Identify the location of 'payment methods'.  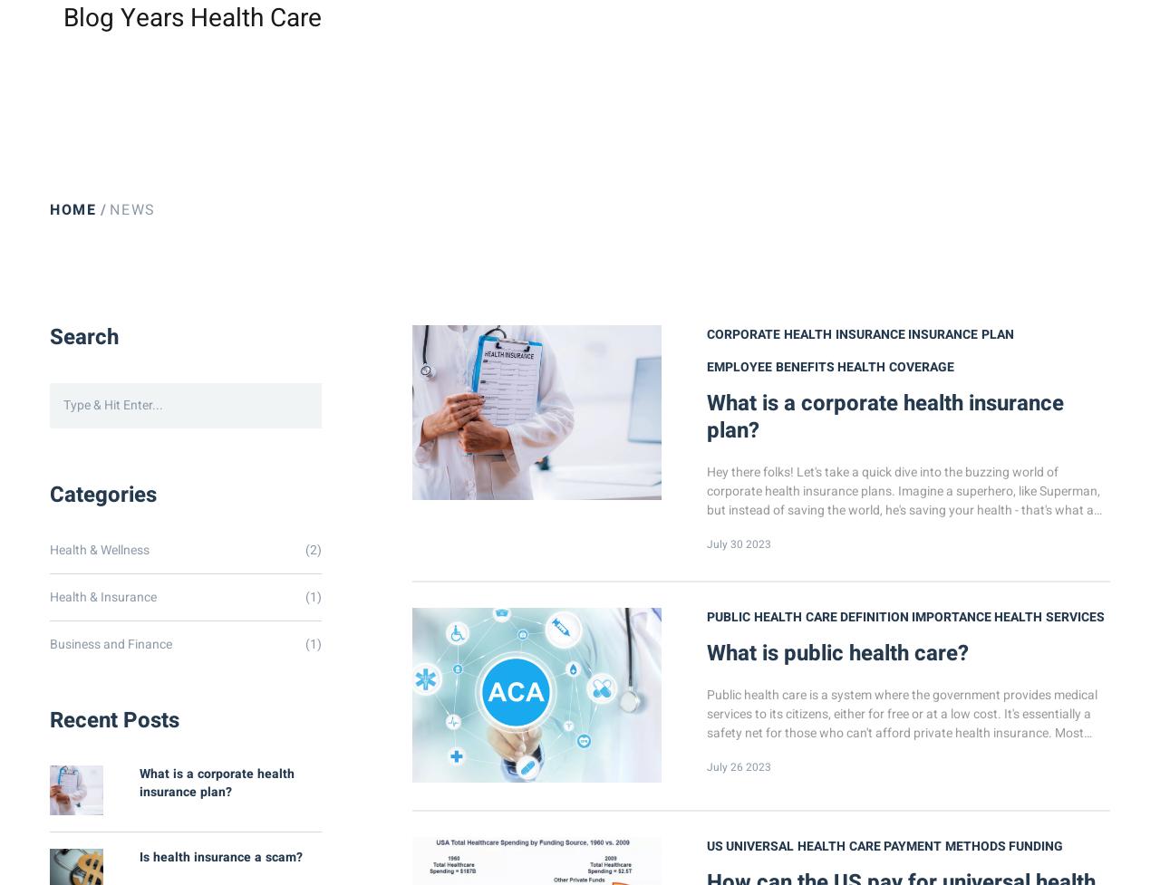
(883, 845).